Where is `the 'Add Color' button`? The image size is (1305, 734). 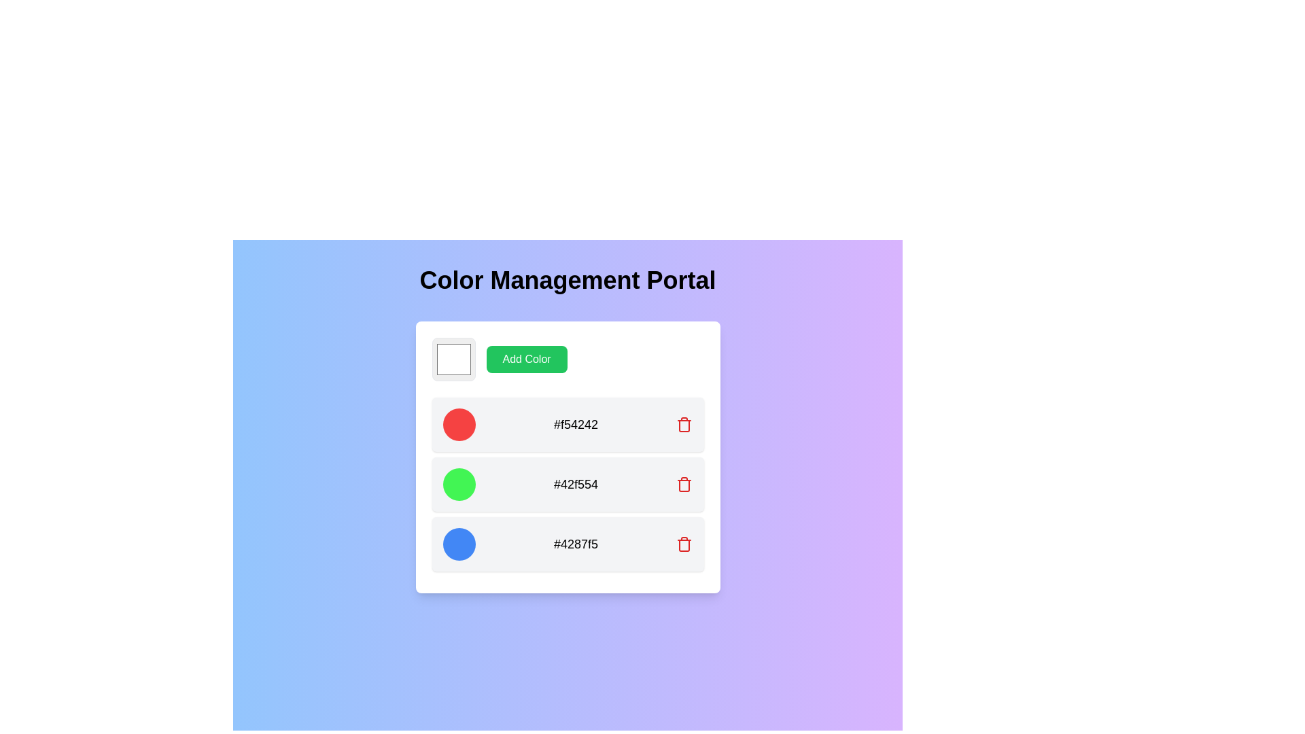
the 'Add Color' button is located at coordinates (526, 358).